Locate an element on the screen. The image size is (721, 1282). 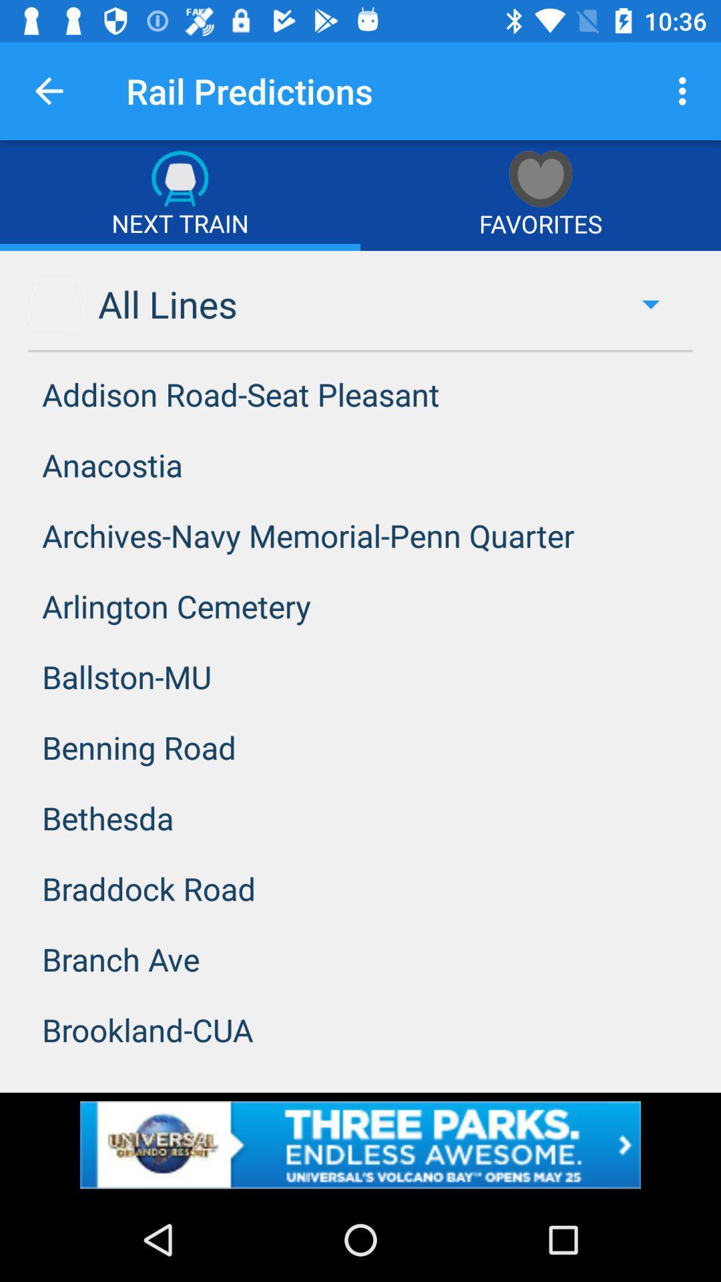
visit advertised website is located at coordinates (360, 1144).